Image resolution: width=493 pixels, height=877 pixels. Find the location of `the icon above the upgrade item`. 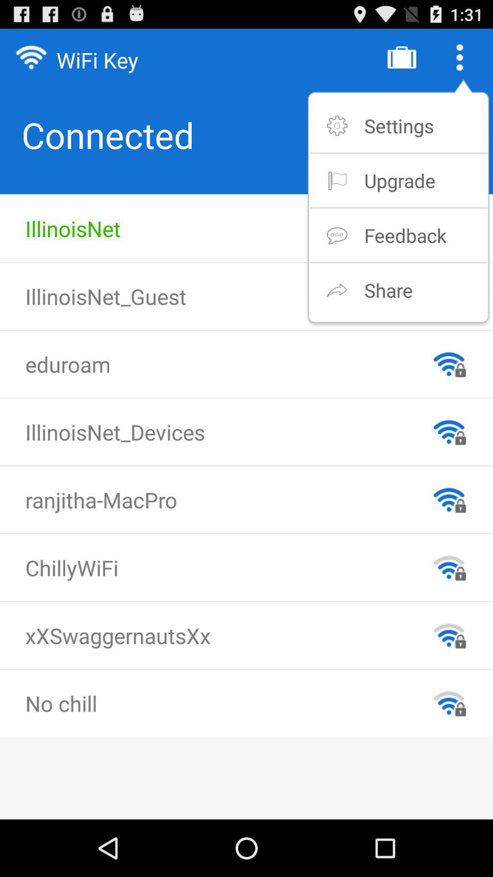

the icon above the upgrade item is located at coordinates (399, 125).